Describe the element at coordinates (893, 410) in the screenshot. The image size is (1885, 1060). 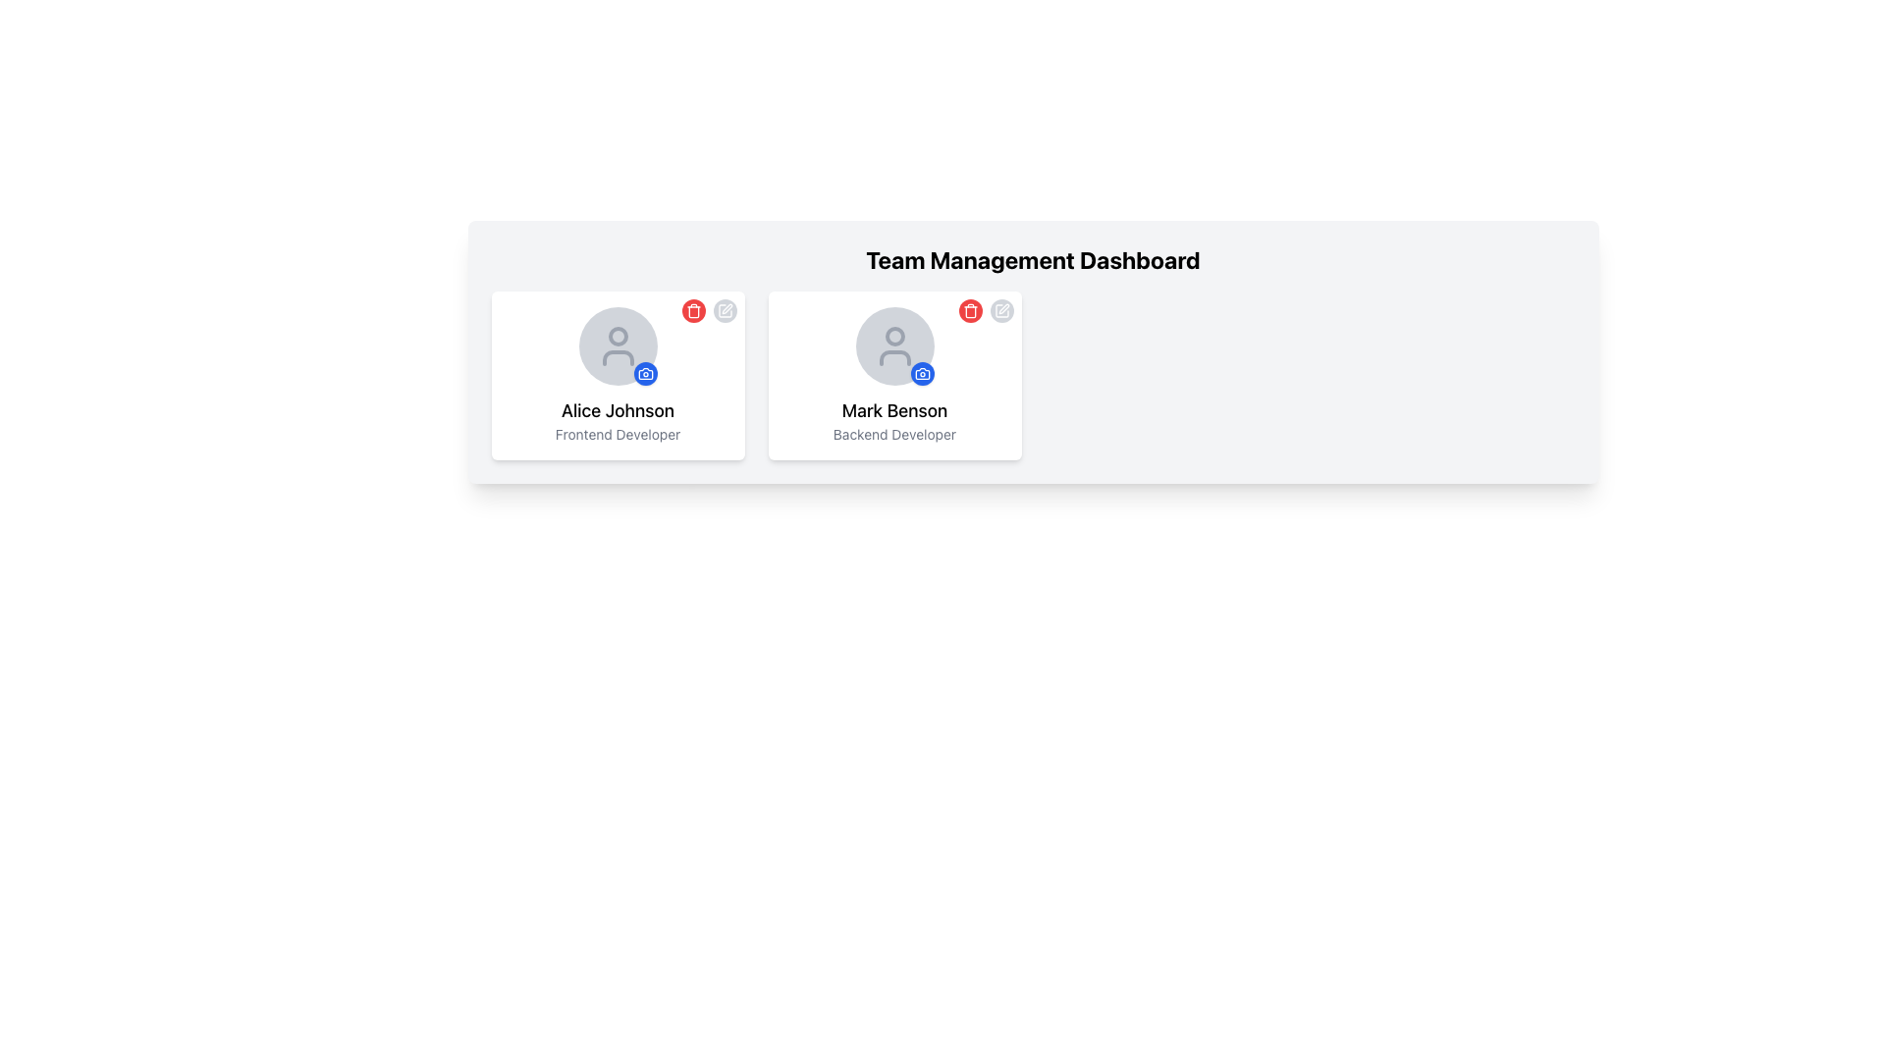
I see `the second text label in the profile card that displays the individual's name, located beneath the avatar icon and above the 'Backend Developer' label` at that location.